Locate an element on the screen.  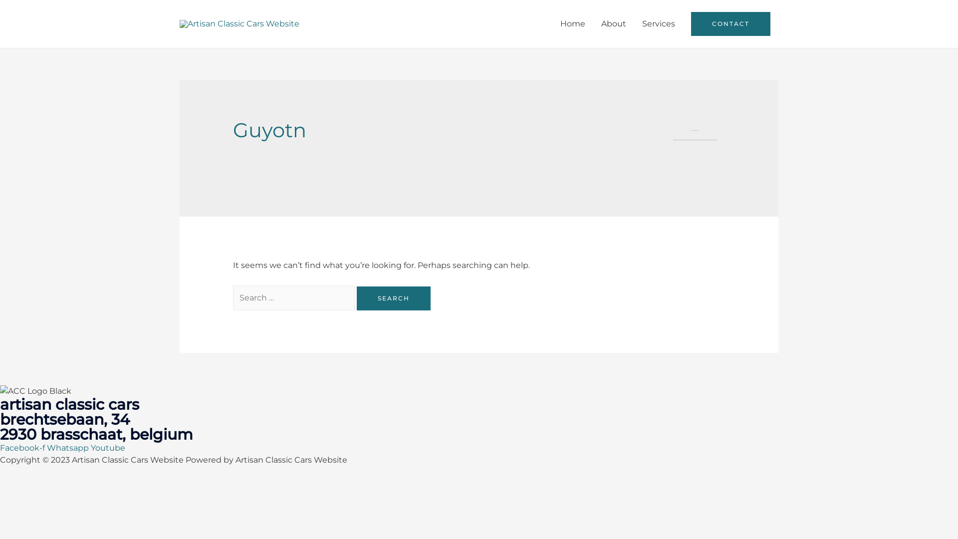
'Youtube' is located at coordinates (108, 447).